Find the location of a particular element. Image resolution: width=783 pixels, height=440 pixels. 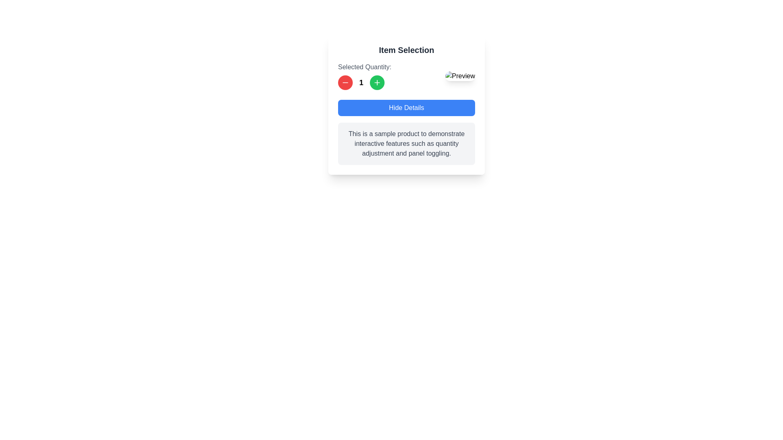

displayed quantity from the Text Display located centrally within the 'Selected Quantity' section is located at coordinates (364, 76).